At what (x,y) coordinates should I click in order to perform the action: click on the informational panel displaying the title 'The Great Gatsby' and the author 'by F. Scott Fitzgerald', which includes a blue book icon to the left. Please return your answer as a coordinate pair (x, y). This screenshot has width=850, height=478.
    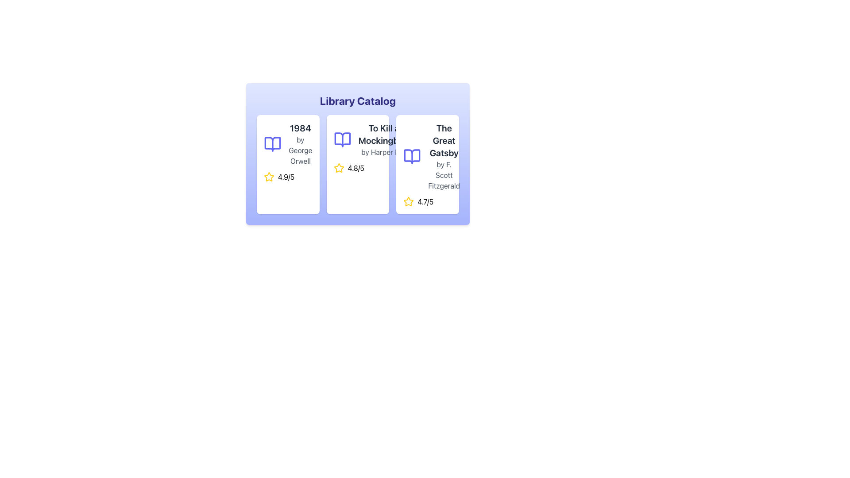
    Looking at the image, I should click on (428, 156).